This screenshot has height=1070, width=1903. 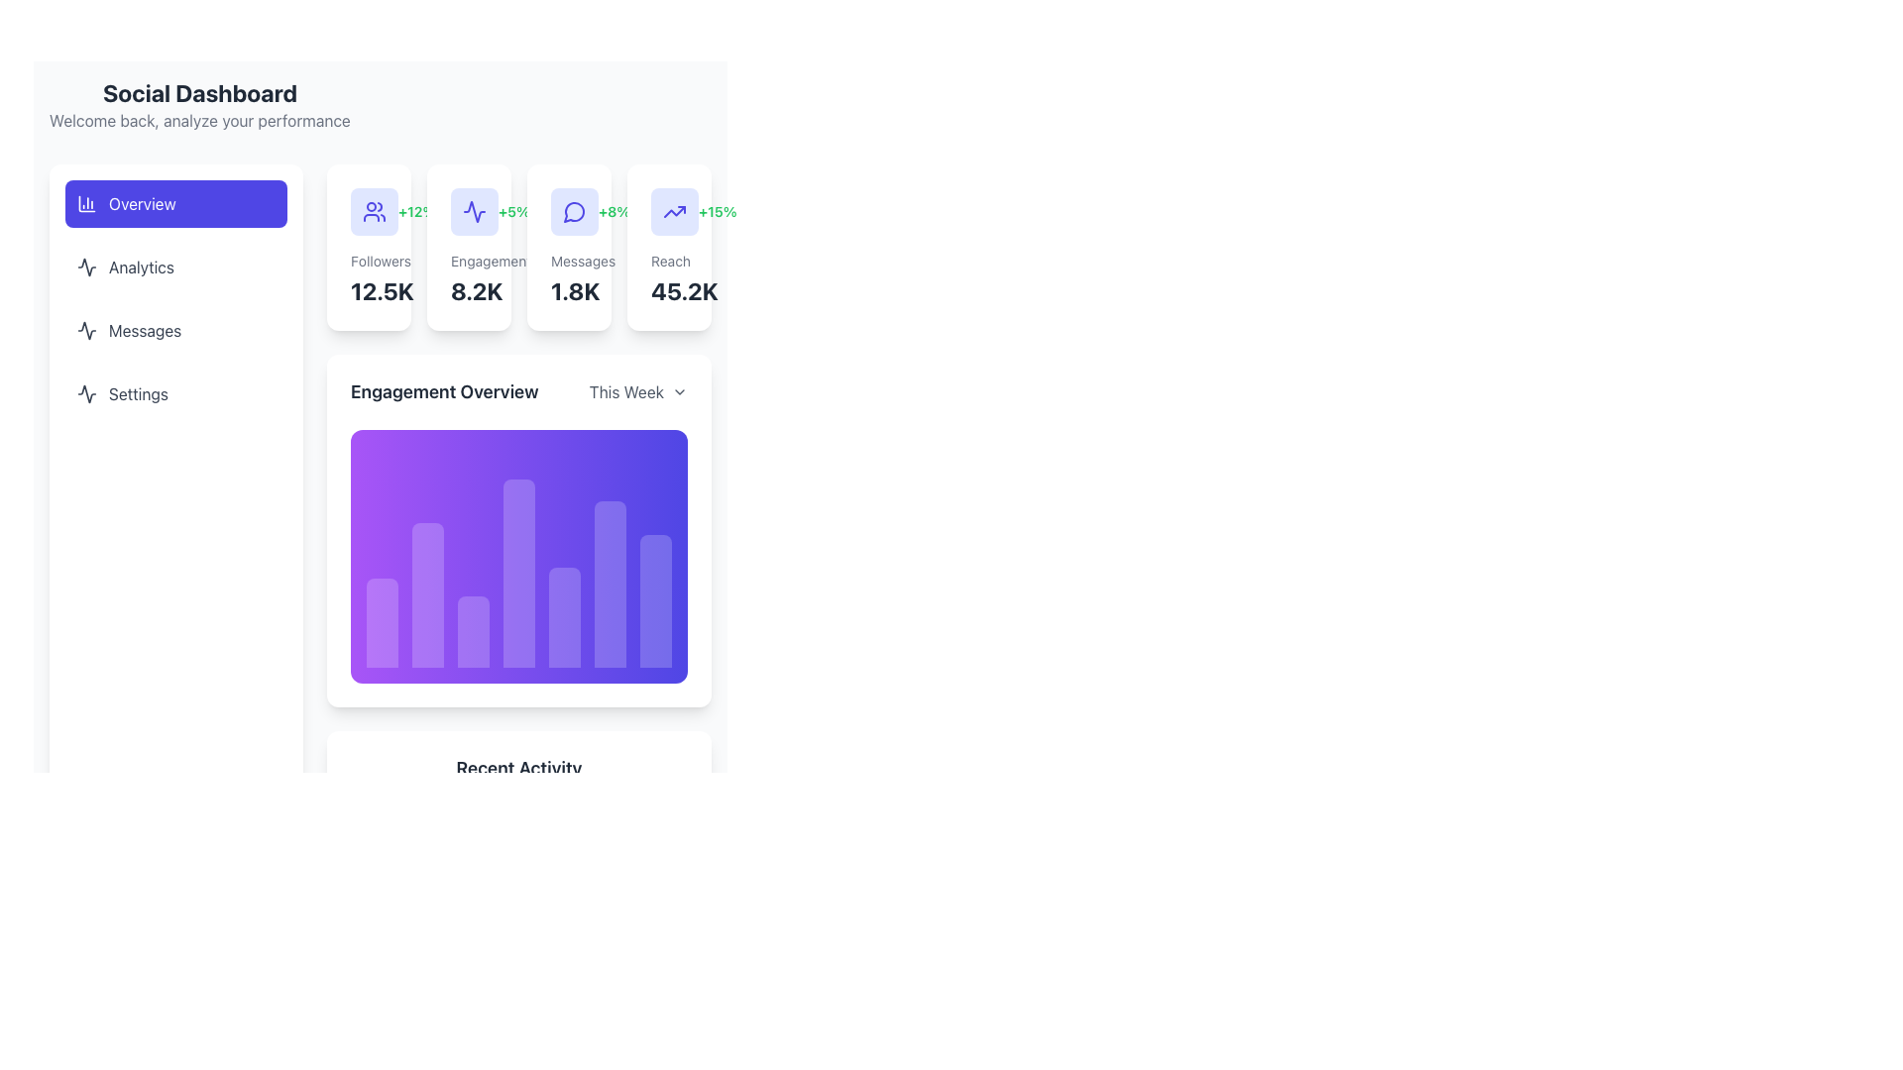 What do you see at coordinates (547, 1010) in the screenshot?
I see `timestamp information displayed as '2 hours ago' located within the 'Recent Activity' section, below the message 'New follower milestone reached'` at bounding box center [547, 1010].